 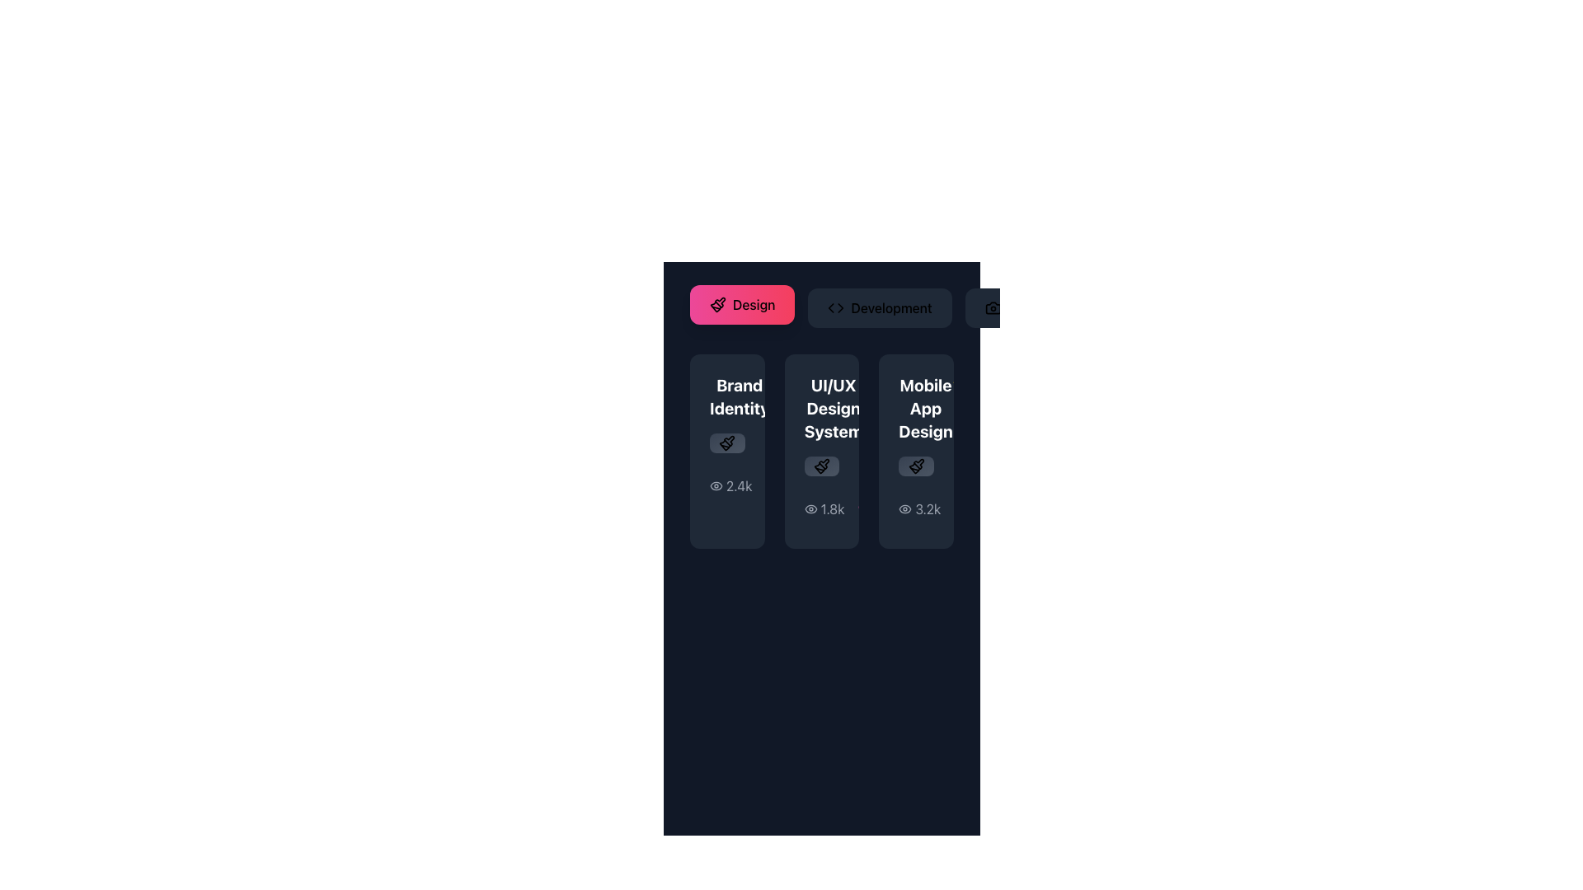 What do you see at coordinates (822, 308) in the screenshot?
I see `the 'Development' button, which is the second button in a horizontal group of buttons labeled 'Design', 'Development', and 'Photography'. The 'Development' button has a dark grey background and is adjacent to the highlighted 'Design' button on the left and the 'Photography' button on the right` at bounding box center [822, 308].